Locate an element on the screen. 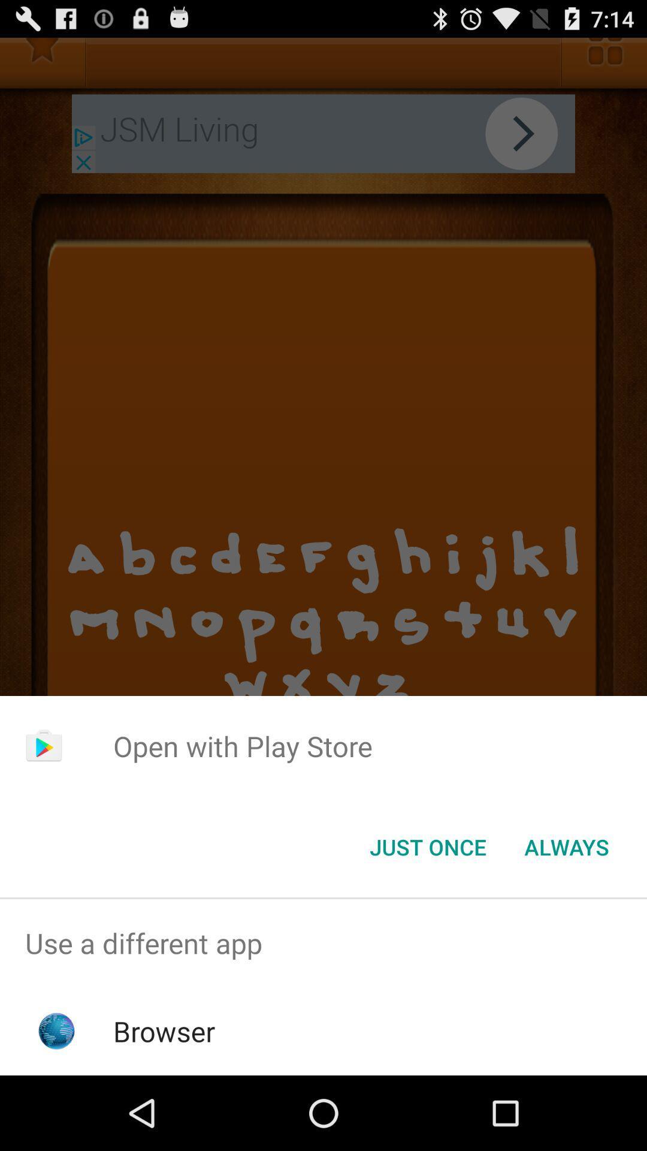 This screenshot has width=647, height=1151. always at the bottom right corner is located at coordinates (566, 846).